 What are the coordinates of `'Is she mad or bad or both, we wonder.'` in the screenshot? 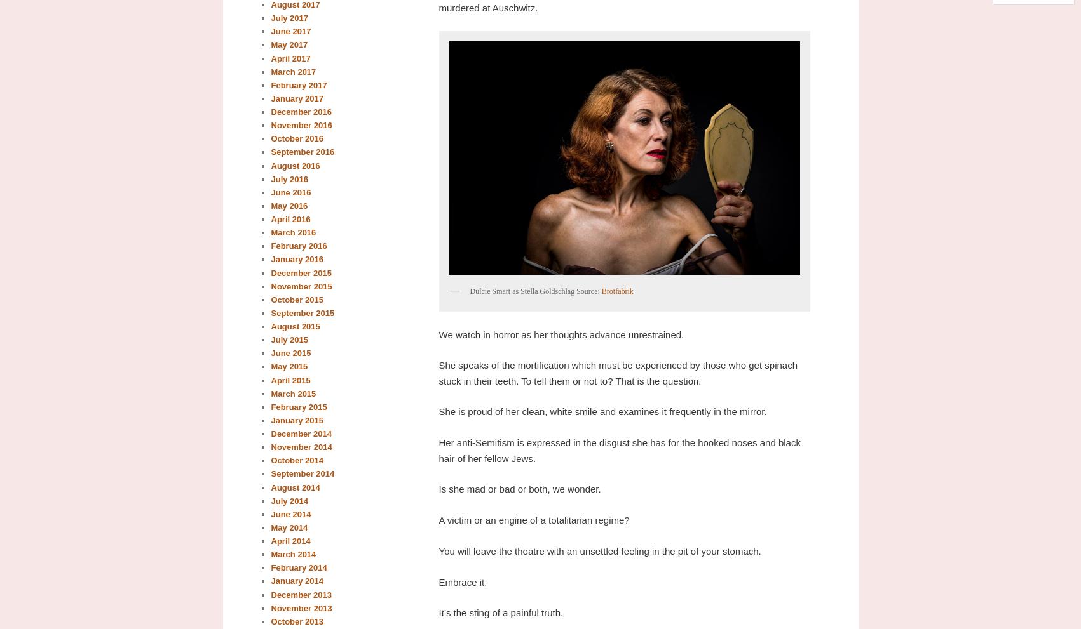 It's located at (519, 489).